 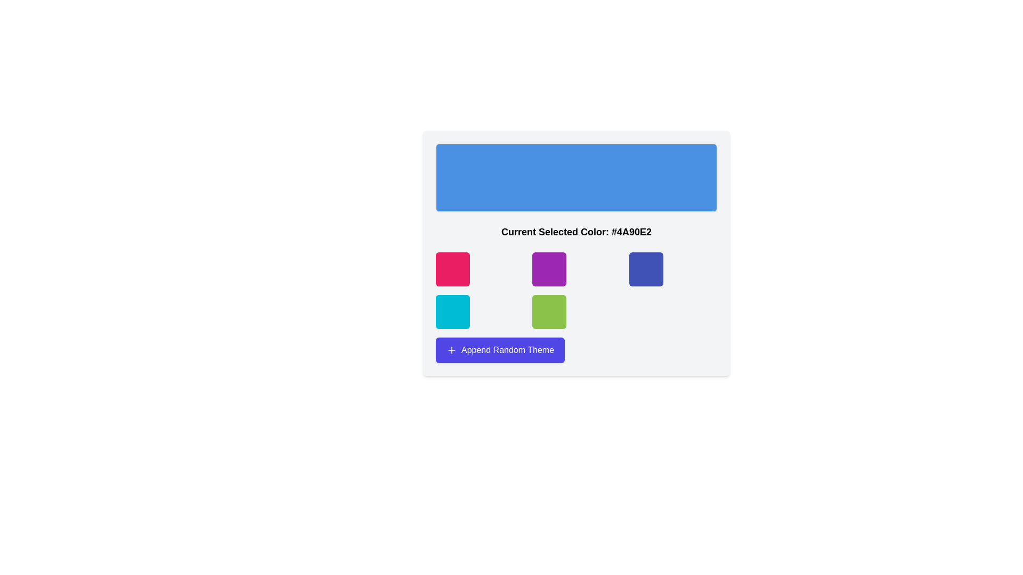 What do you see at coordinates (452, 350) in the screenshot?
I see `the small plus sign icon (+) displayed in white on a blue circular background, which is part of the 'Append Random Theme' button` at bounding box center [452, 350].